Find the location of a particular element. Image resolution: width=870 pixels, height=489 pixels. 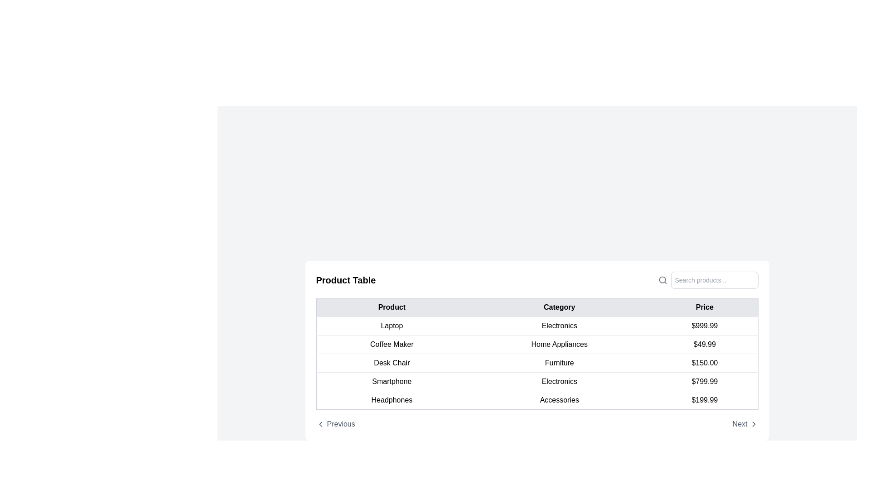

the right arrow navigation button styled as an SVG chevron located in the bottom-right corner of the interface is located at coordinates (754, 424).